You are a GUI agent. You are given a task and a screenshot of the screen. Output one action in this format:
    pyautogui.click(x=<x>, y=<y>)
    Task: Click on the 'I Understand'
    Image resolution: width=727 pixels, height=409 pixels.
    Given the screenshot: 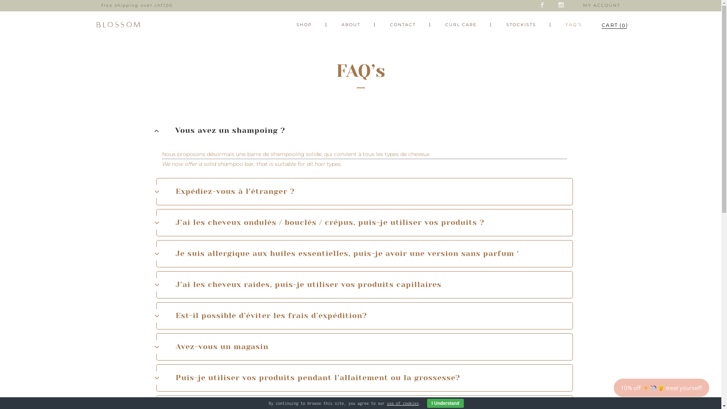 What is the action you would take?
    pyautogui.click(x=445, y=403)
    